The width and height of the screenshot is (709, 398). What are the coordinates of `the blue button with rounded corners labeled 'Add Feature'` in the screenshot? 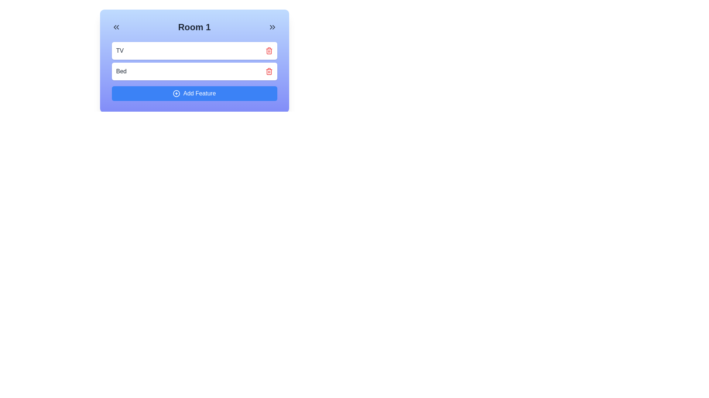 It's located at (194, 93).